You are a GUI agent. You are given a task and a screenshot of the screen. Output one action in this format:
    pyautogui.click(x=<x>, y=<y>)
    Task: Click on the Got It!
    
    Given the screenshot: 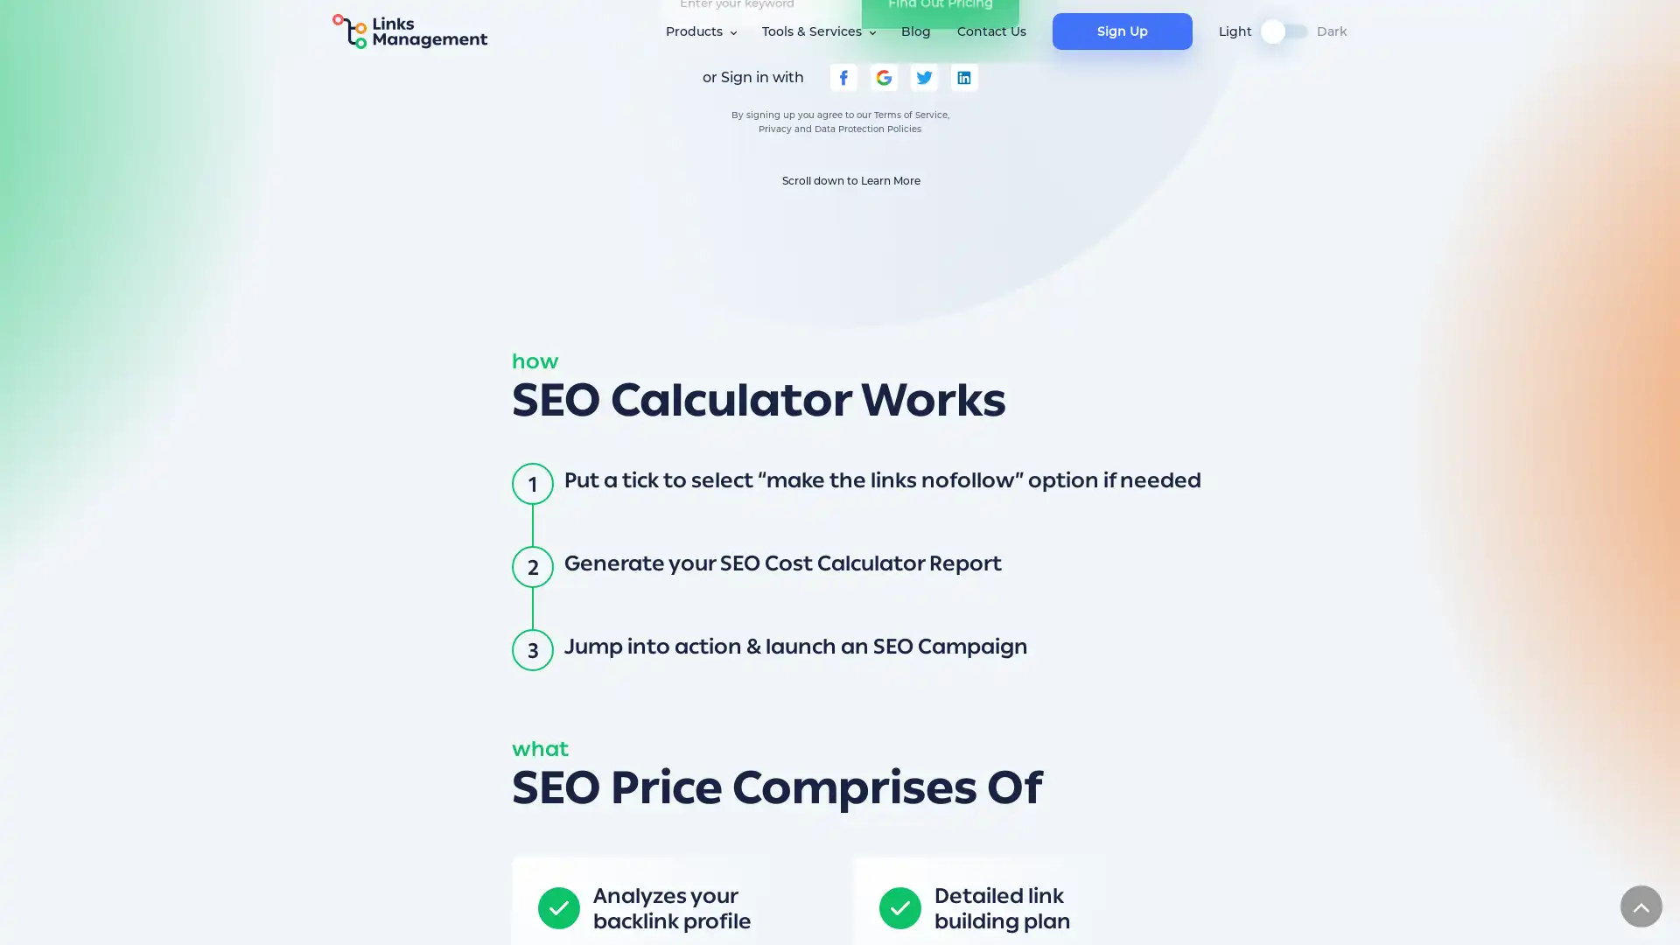 What is the action you would take?
    pyautogui.click(x=1183, y=913)
    